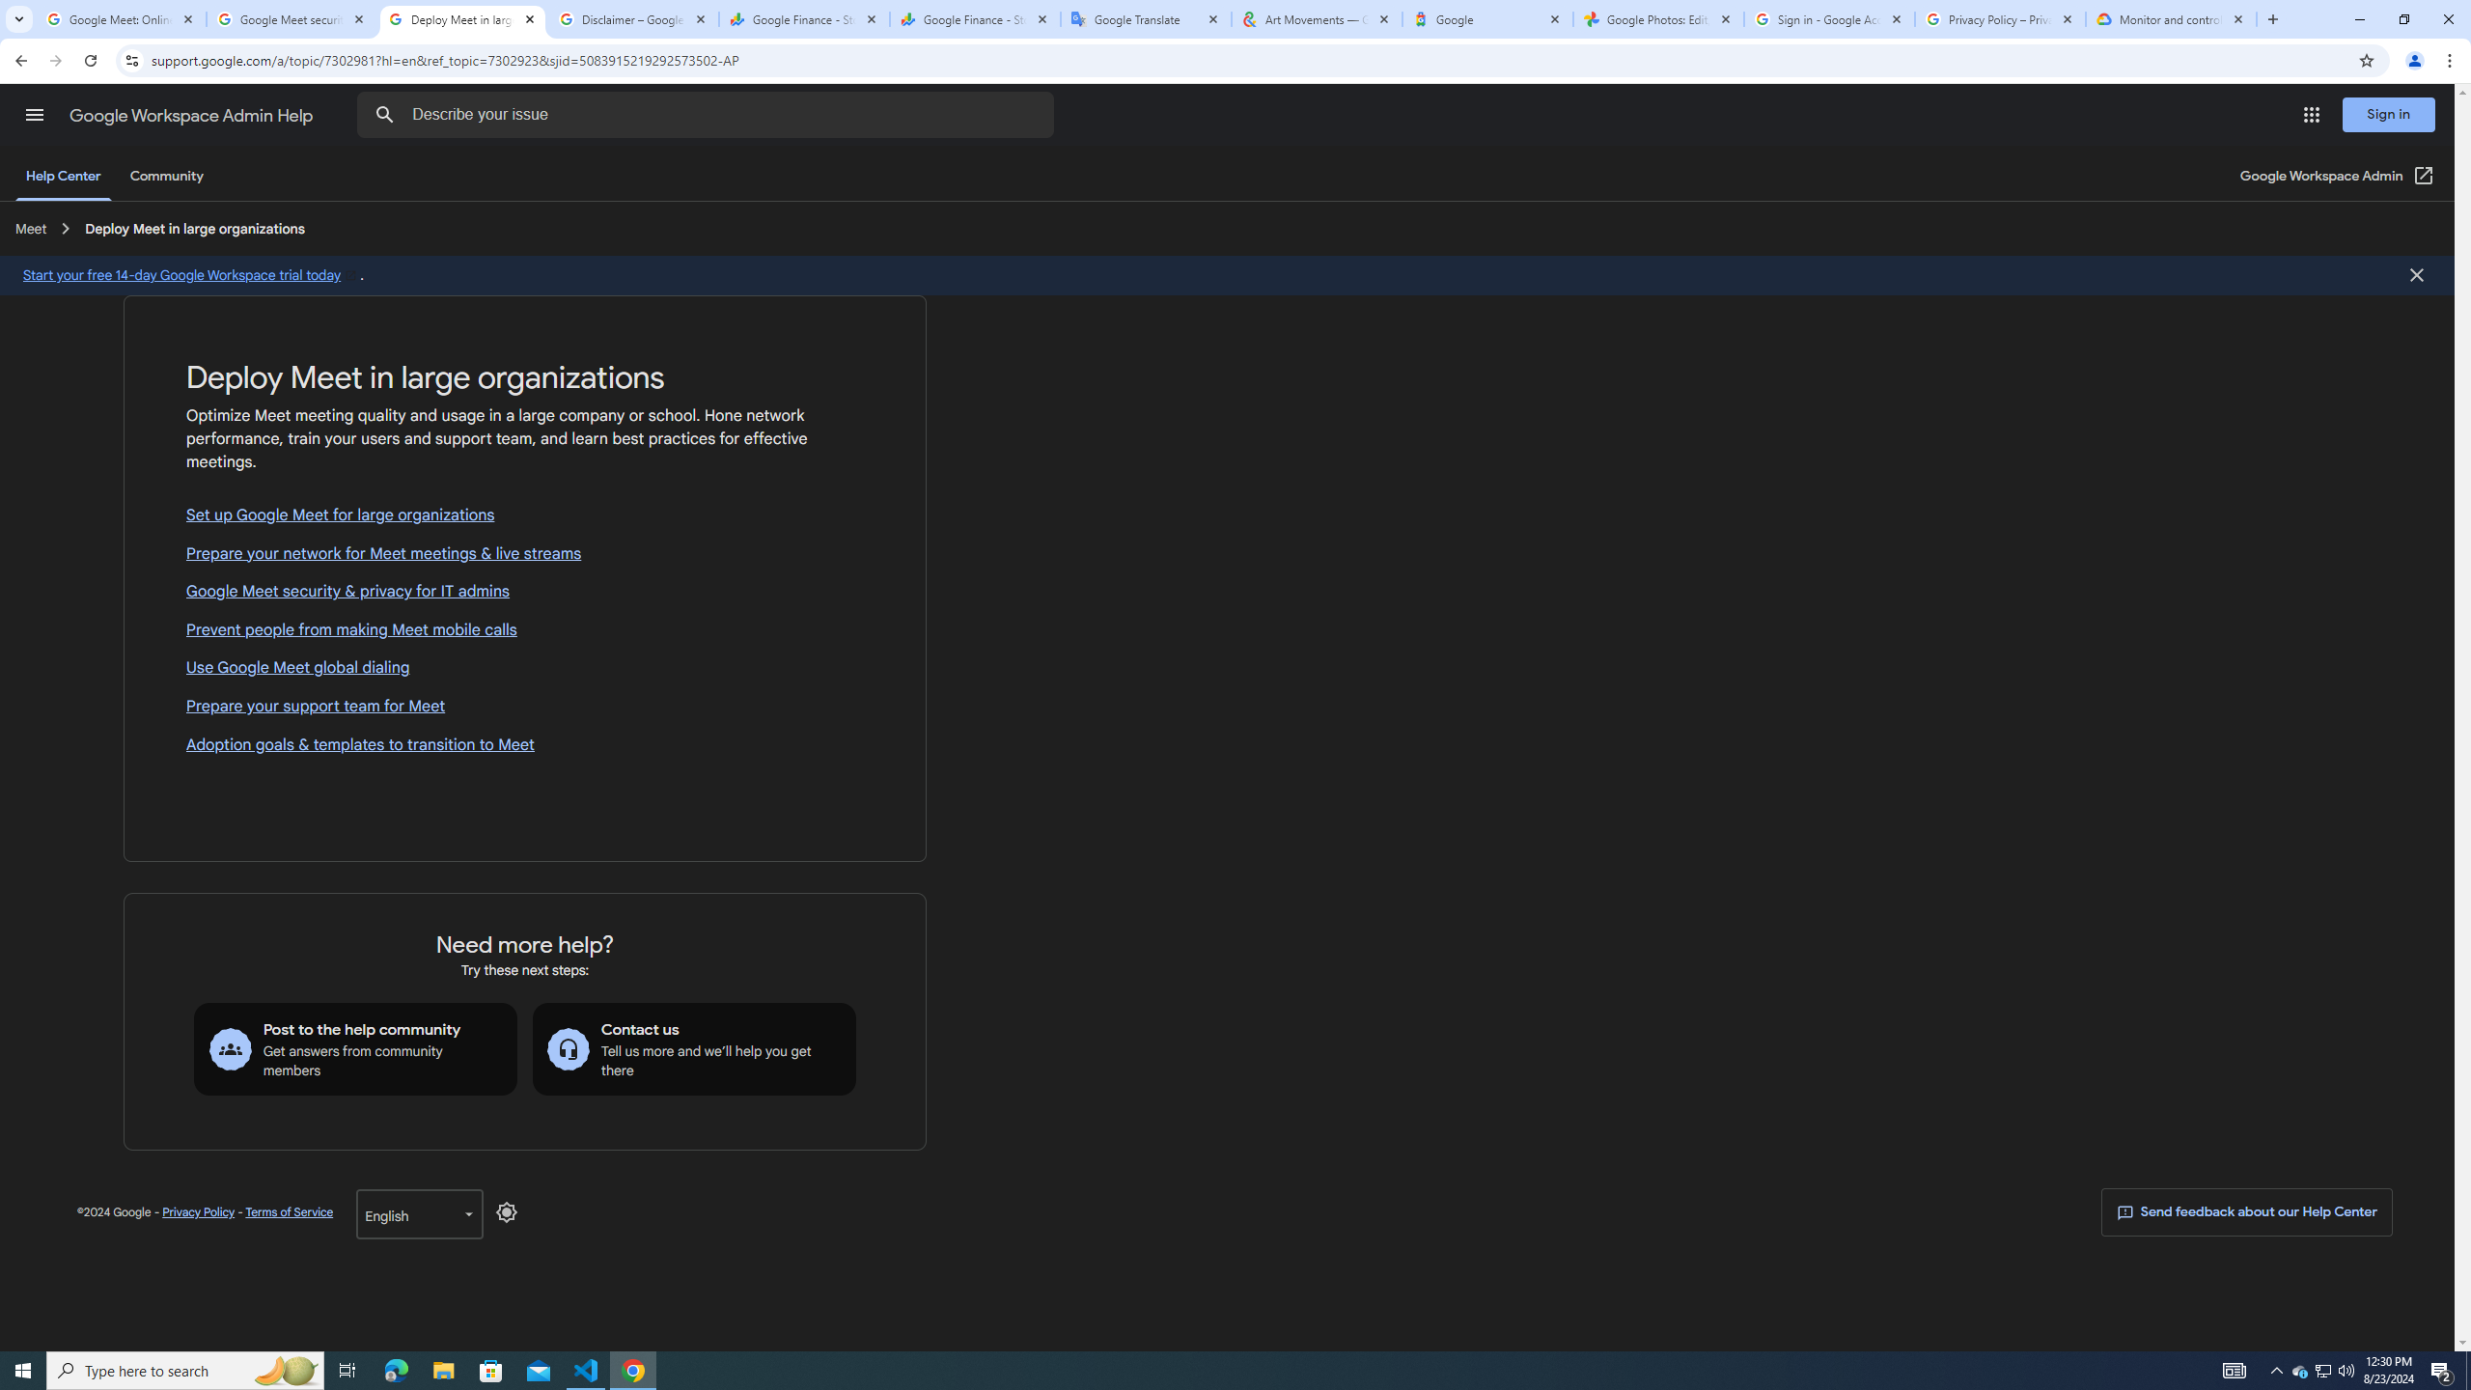 The width and height of the screenshot is (2471, 1390). What do you see at coordinates (507, 1212) in the screenshot?
I see `'Disable Dark Mode'` at bounding box center [507, 1212].